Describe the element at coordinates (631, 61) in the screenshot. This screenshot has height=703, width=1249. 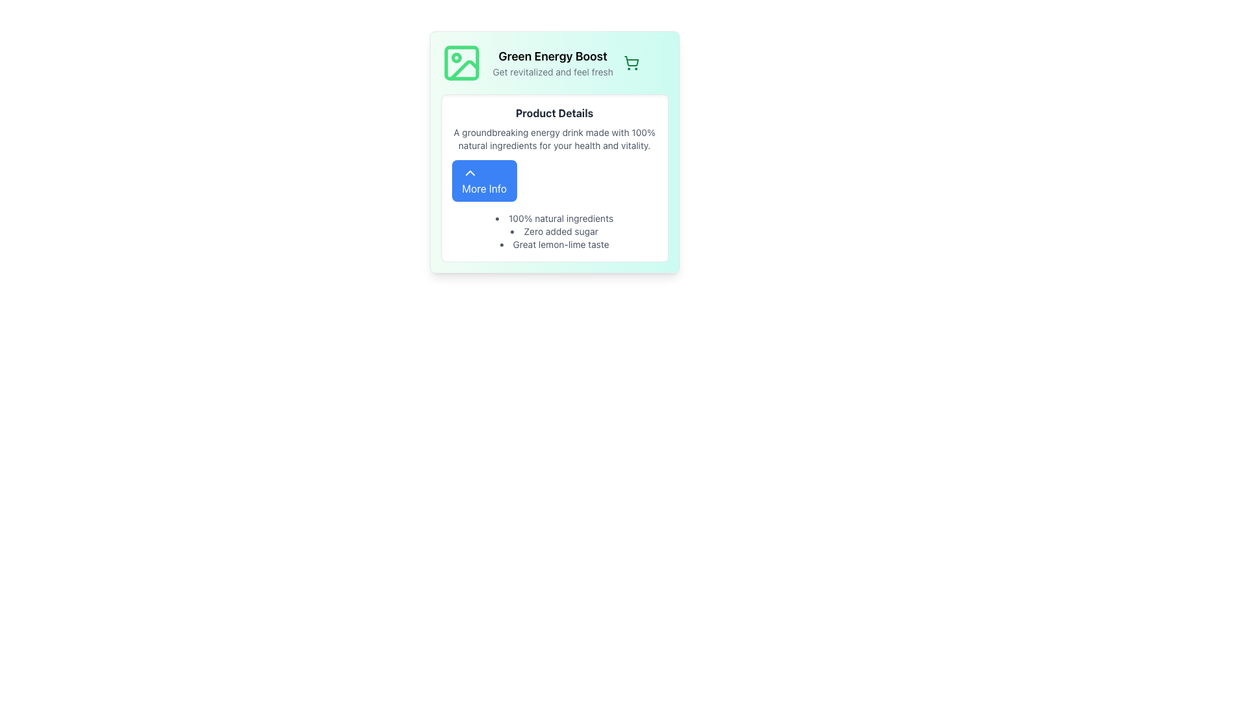
I see `the green outline of the shopping cart icon located in the top right region of the product overview box` at that location.